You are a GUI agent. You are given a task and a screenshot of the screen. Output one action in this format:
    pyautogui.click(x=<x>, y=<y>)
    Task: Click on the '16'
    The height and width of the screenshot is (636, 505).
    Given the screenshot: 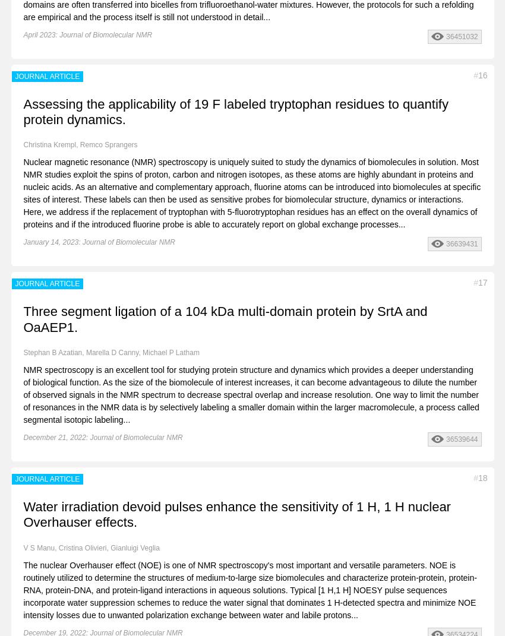 What is the action you would take?
    pyautogui.click(x=482, y=74)
    